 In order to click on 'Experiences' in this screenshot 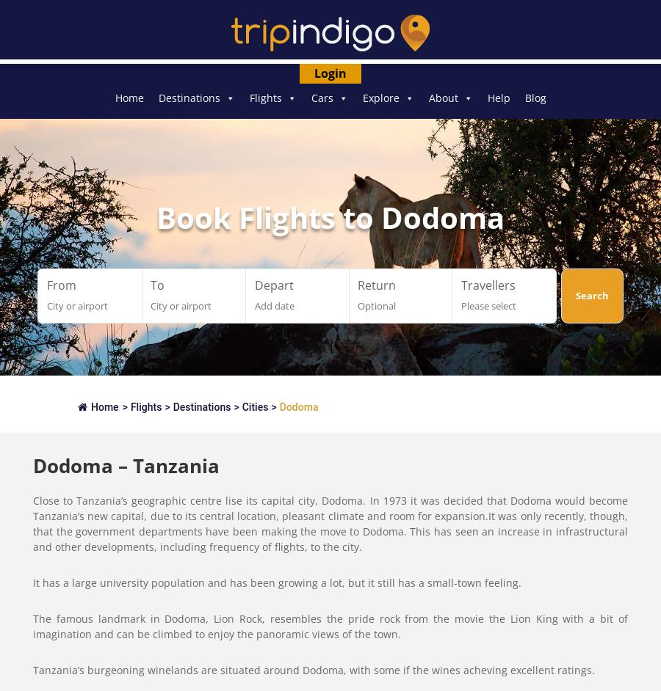, I will do `click(391, 125)`.